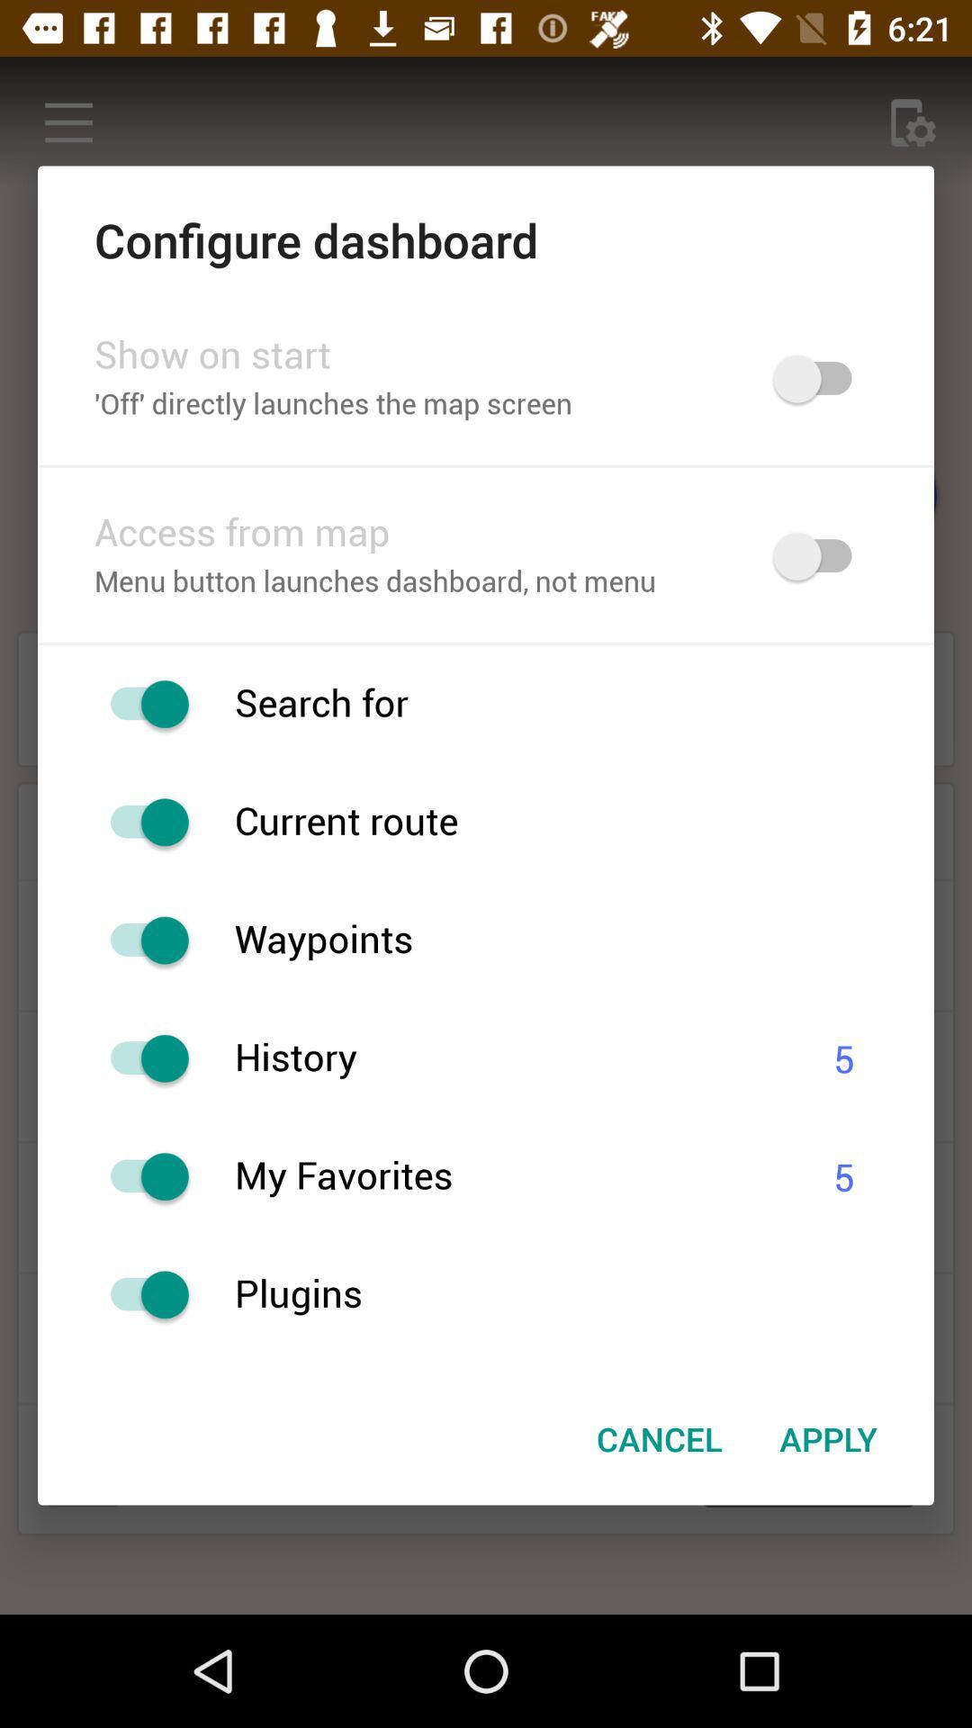  Describe the element at coordinates (139, 1058) in the screenshot. I see `change option` at that location.